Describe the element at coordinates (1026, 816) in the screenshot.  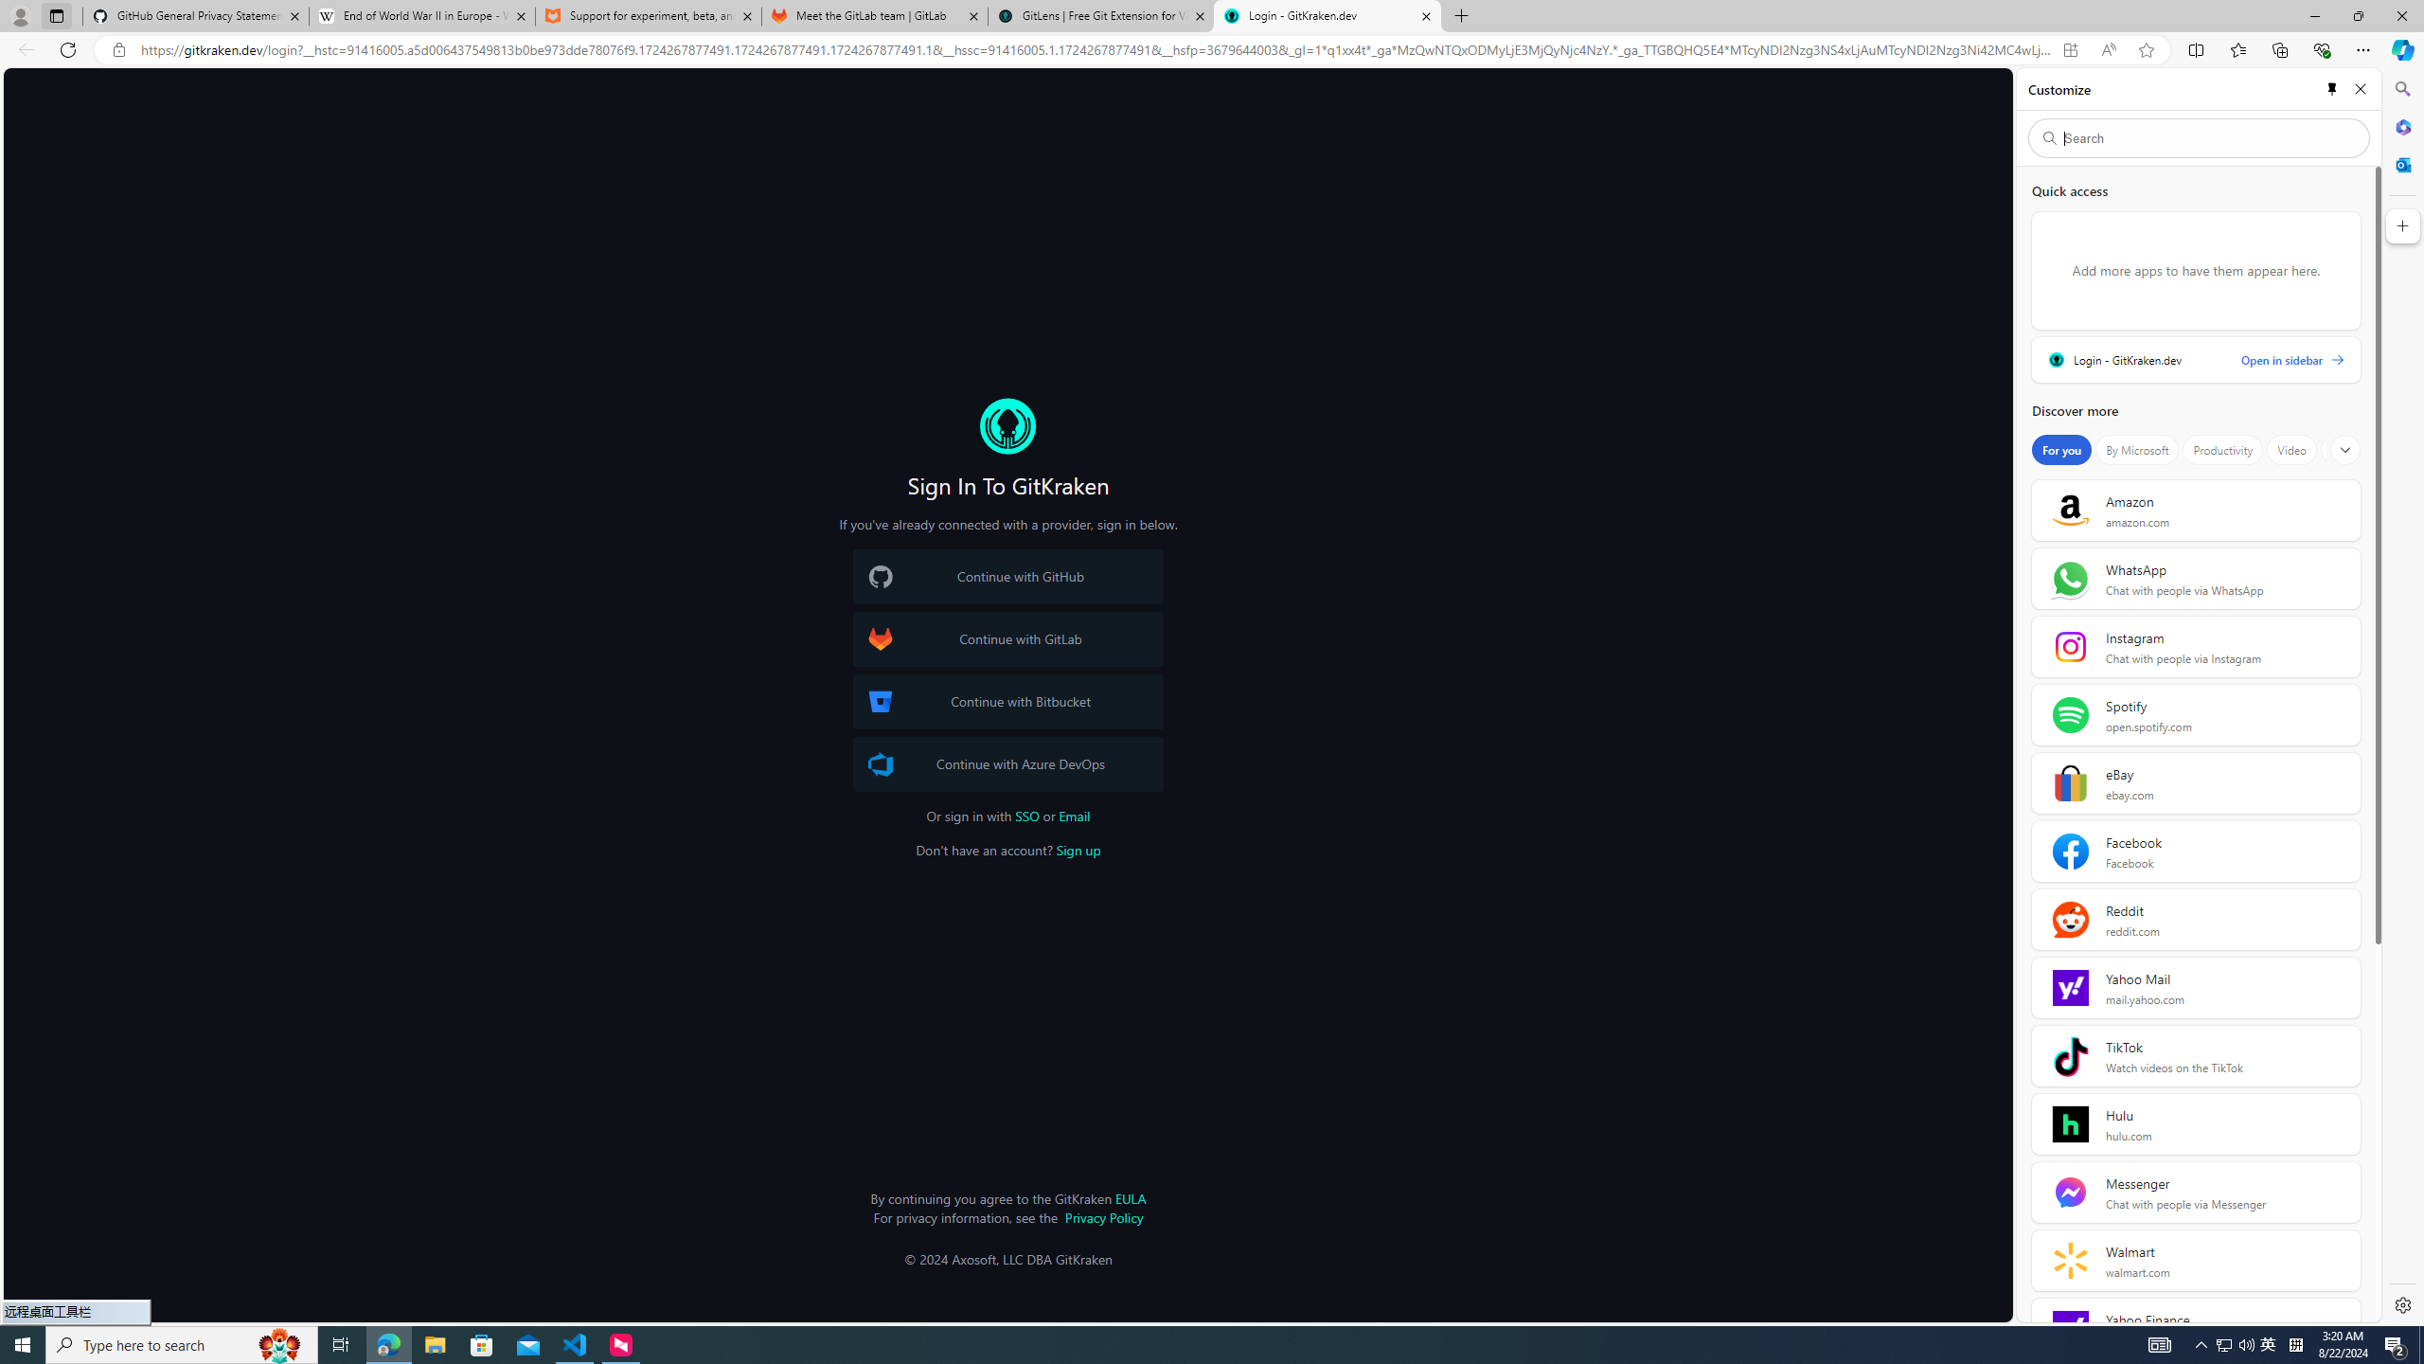
I see `'SSO'` at that location.